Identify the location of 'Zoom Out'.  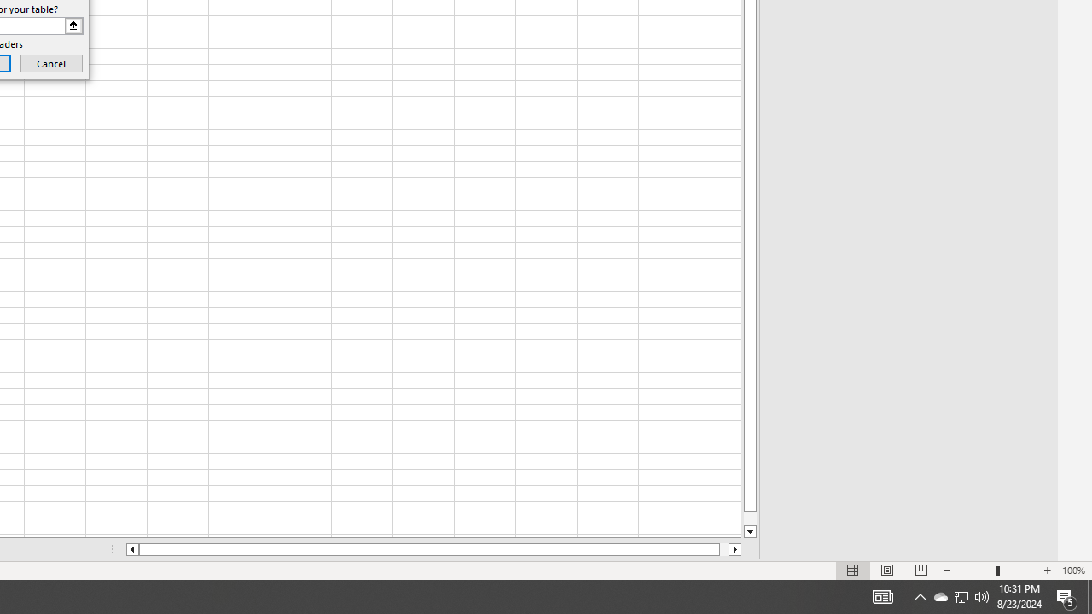
(975, 571).